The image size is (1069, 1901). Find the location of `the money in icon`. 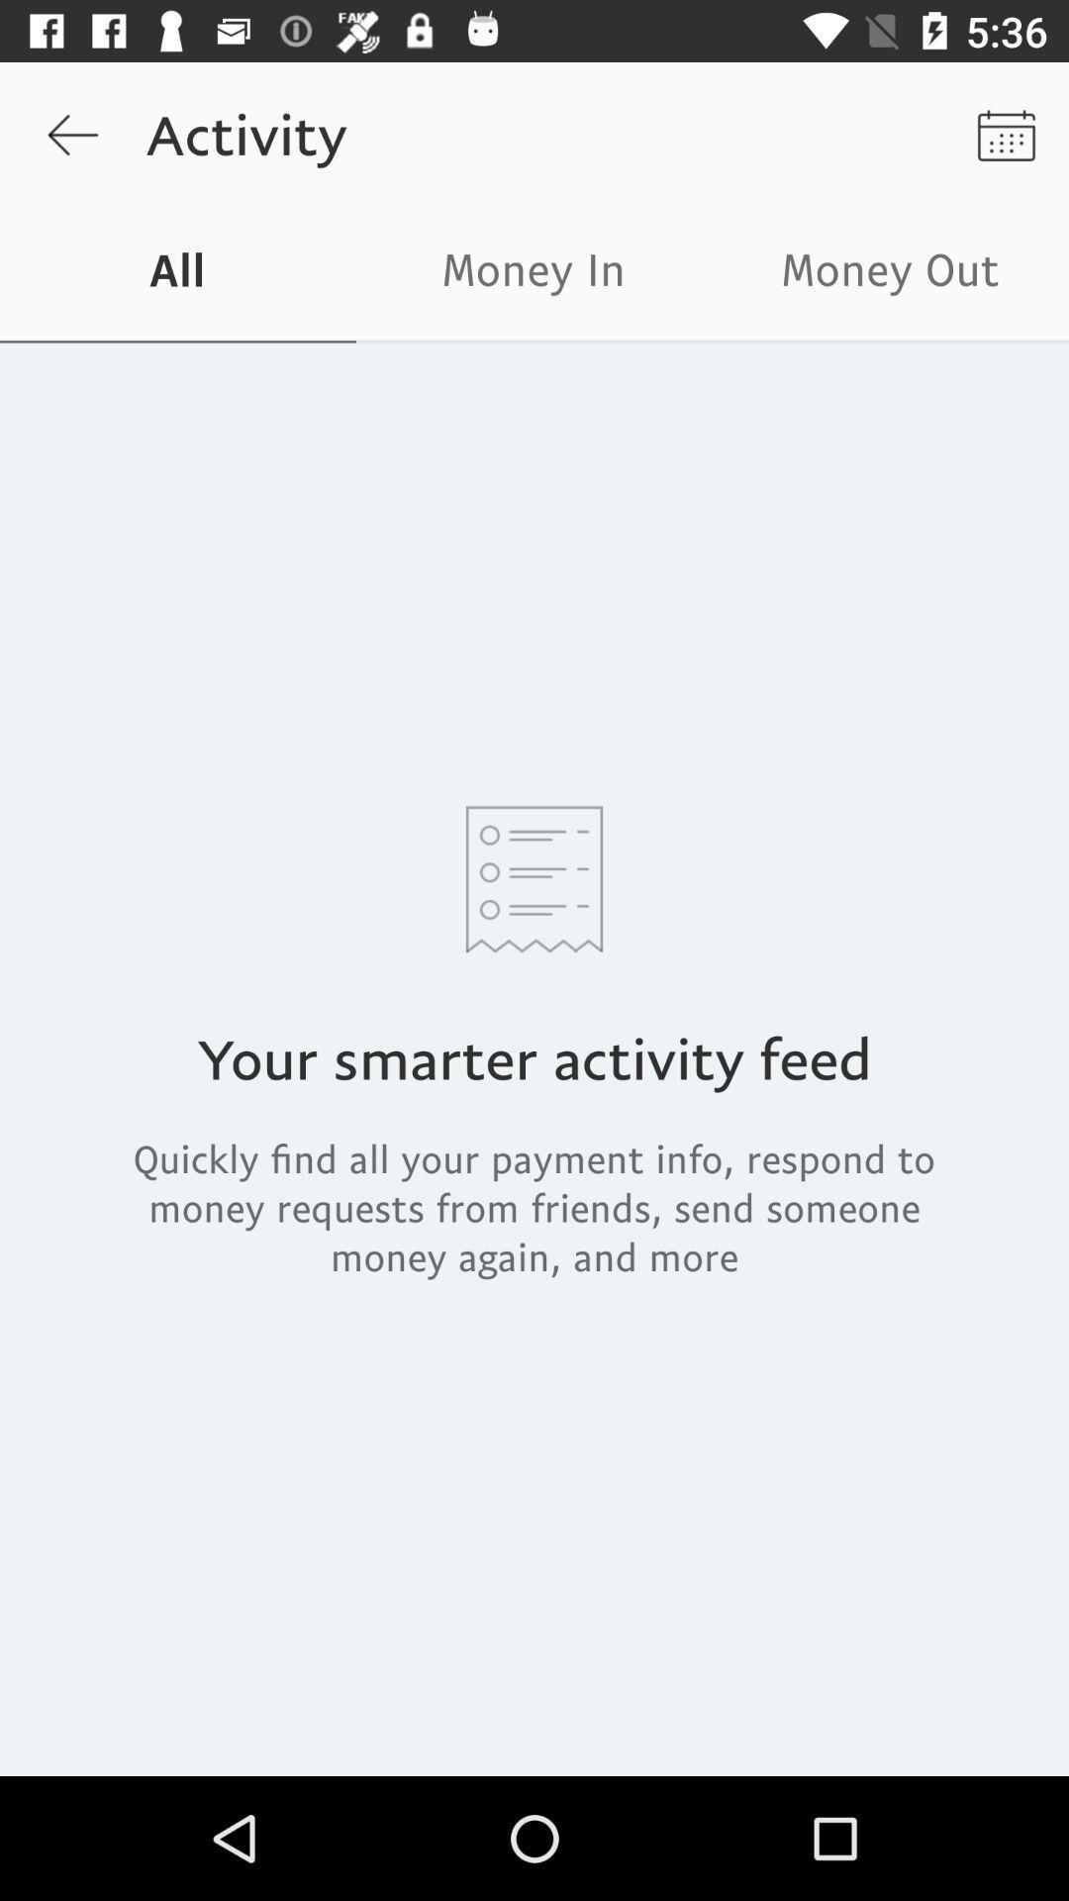

the money in icon is located at coordinates (534, 274).